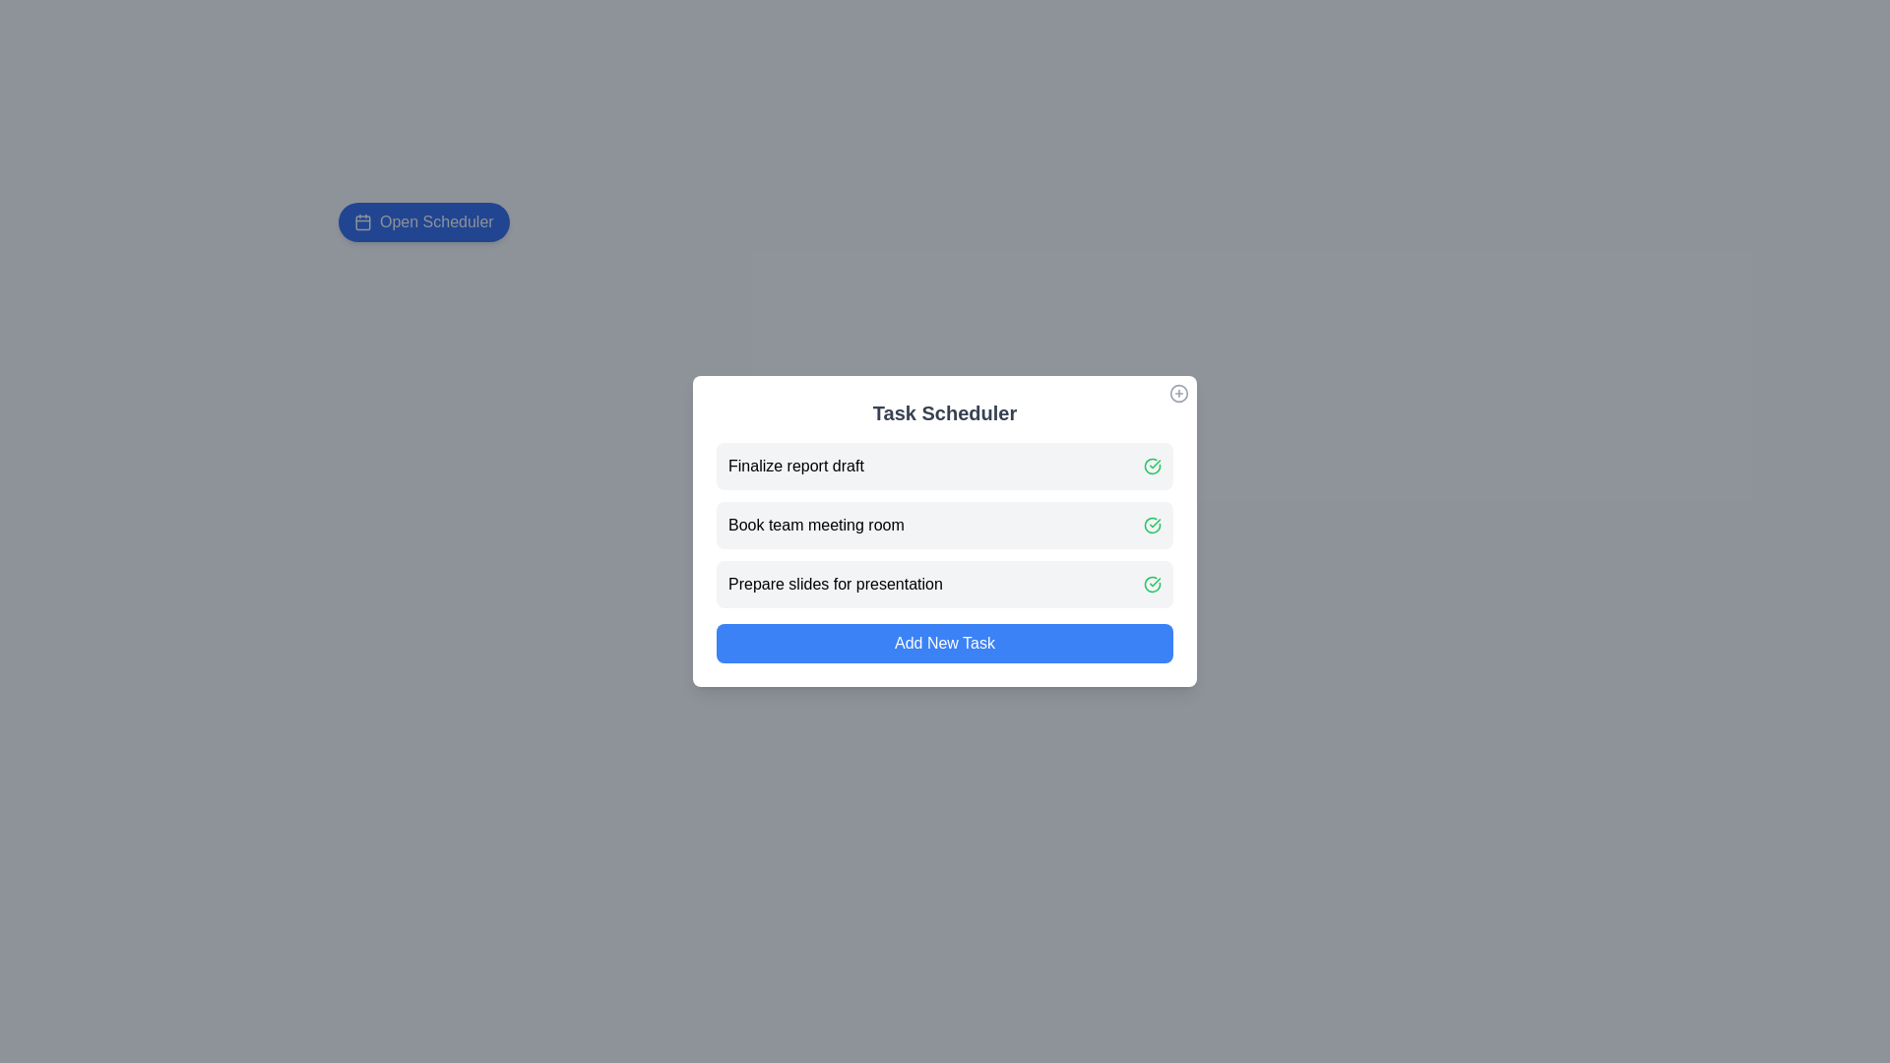  Describe the element at coordinates (816, 524) in the screenshot. I see `the text label displaying 'Book team meeting room' in black text on a light gray background, which is the second task in the vertically aligned group in the task scheduler interface` at that location.